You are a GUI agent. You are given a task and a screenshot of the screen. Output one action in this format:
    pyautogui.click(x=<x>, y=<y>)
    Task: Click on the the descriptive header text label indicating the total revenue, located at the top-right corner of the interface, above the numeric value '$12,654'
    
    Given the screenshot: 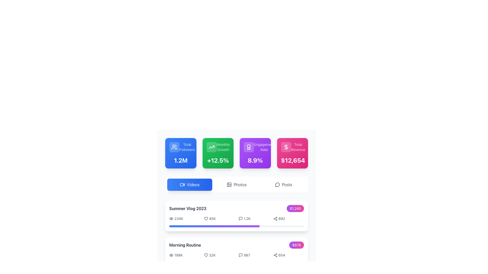 What is the action you would take?
    pyautogui.click(x=298, y=147)
    